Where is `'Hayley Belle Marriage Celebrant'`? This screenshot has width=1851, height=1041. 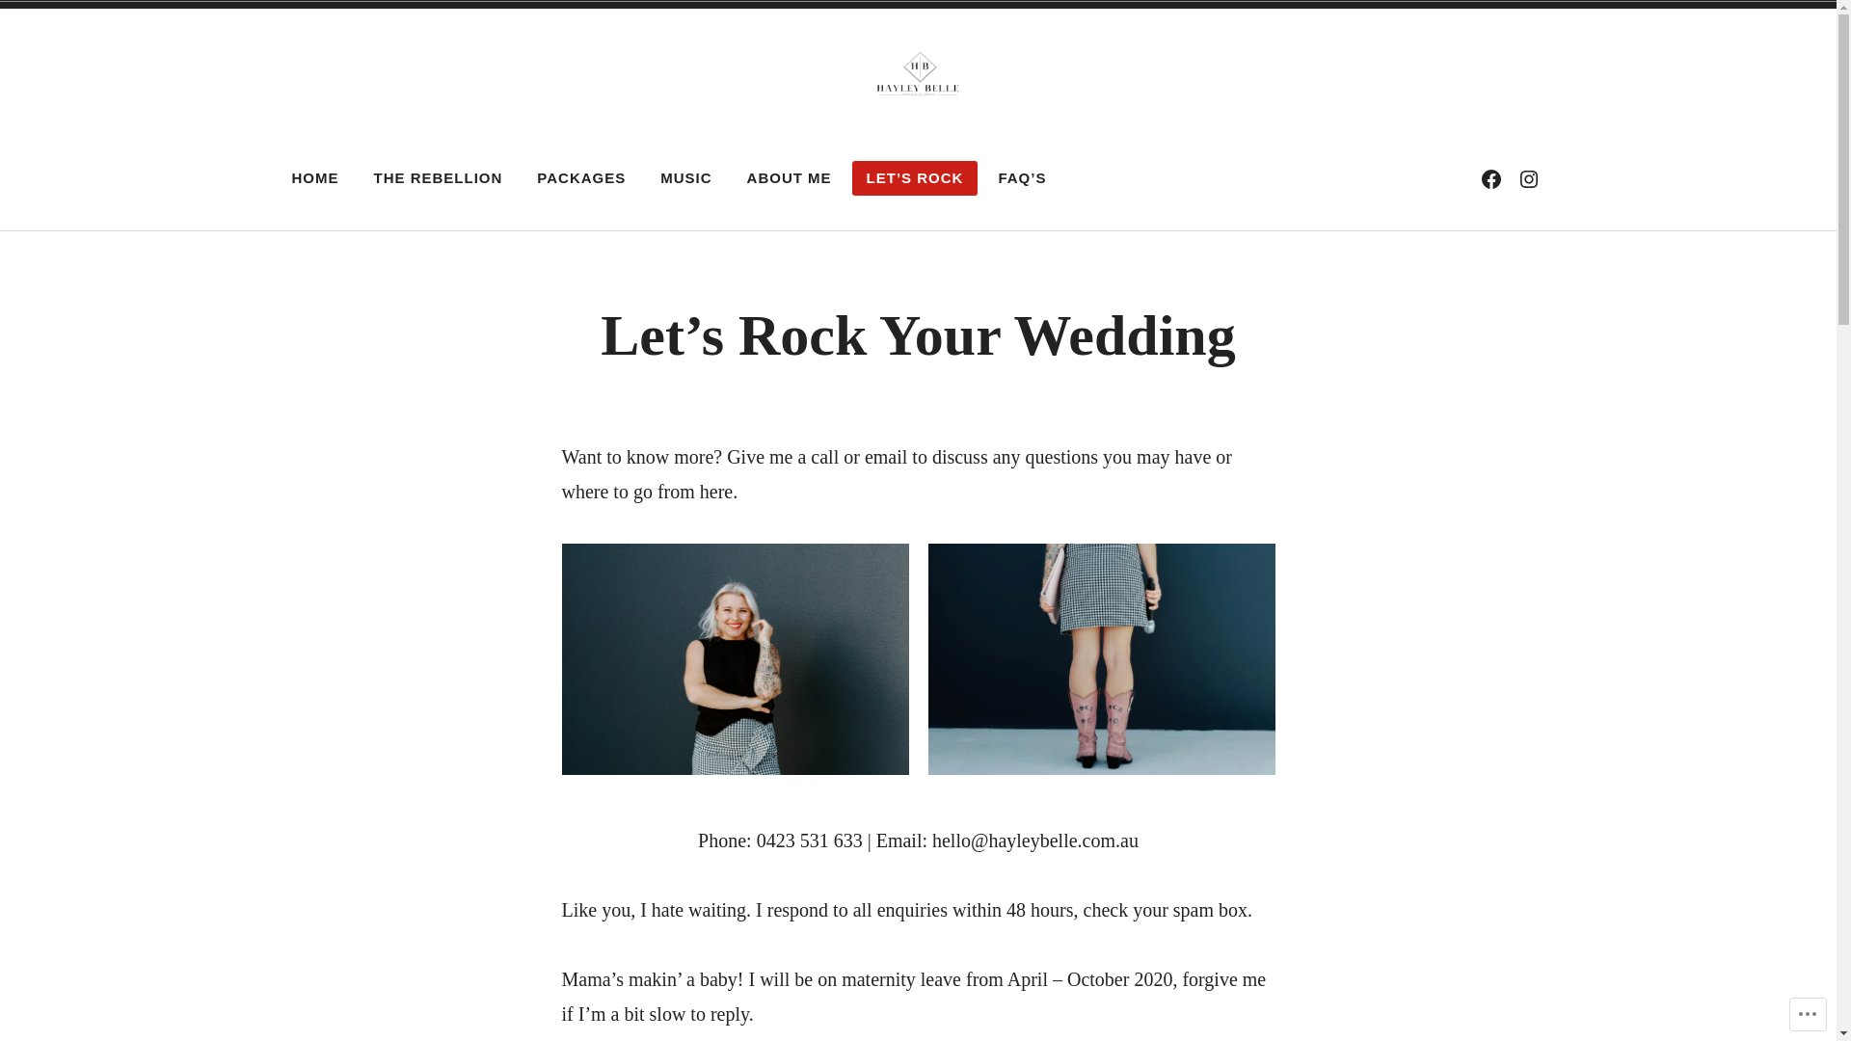 'Hayley Belle Marriage Celebrant' is located at coordinates (700, 154).